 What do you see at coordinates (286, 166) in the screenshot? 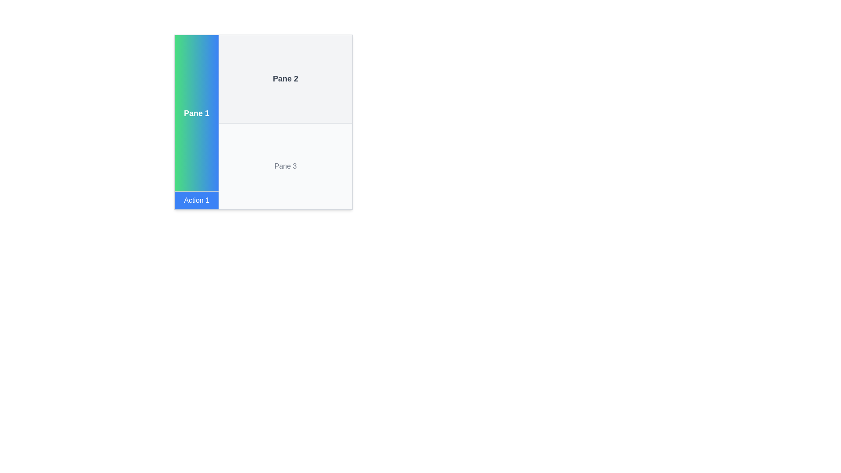
I see `the Text Label located in the bottom-right section of the interface, which provides context about the pane's content or purpose` at bounding box center [286, 166].